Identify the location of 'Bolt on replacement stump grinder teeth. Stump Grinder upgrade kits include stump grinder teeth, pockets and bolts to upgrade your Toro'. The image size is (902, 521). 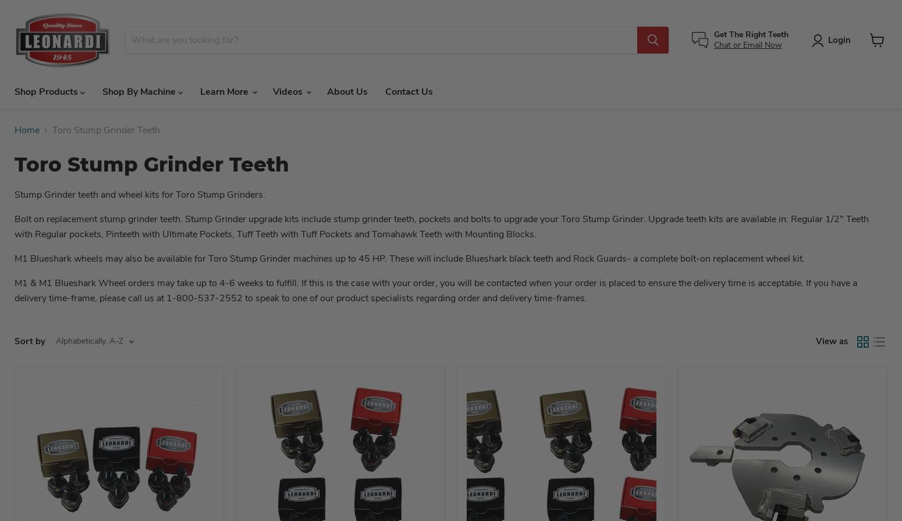
(297, 218).